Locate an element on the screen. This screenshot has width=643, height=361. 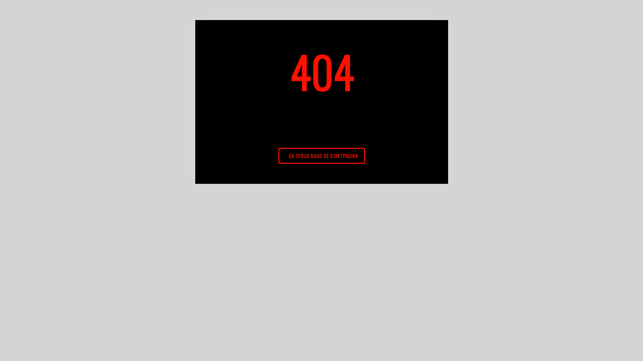
'GA TERUG NAAR DE STARTPAGINA' is located at coordinates (321, 156).